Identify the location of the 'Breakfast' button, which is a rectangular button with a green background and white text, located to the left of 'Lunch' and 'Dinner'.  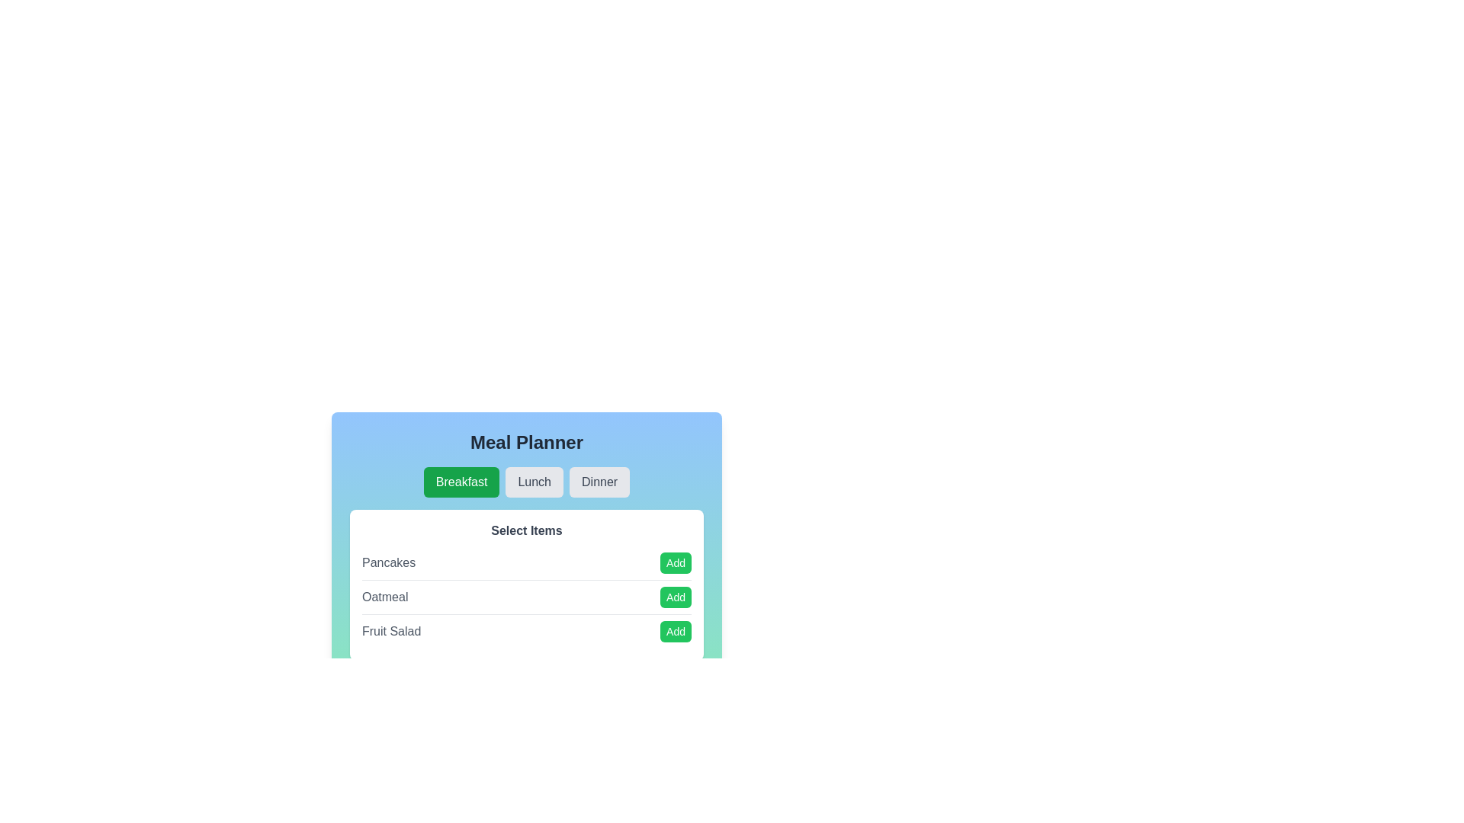
(461, 482).